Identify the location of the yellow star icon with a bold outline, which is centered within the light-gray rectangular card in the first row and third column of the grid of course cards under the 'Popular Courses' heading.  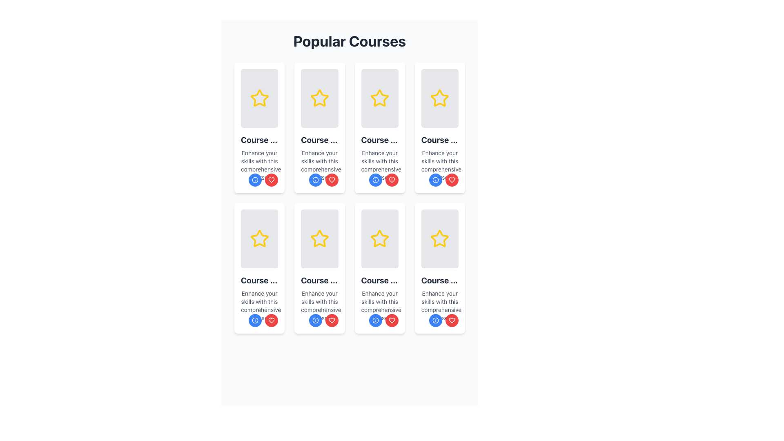
(379, 98).